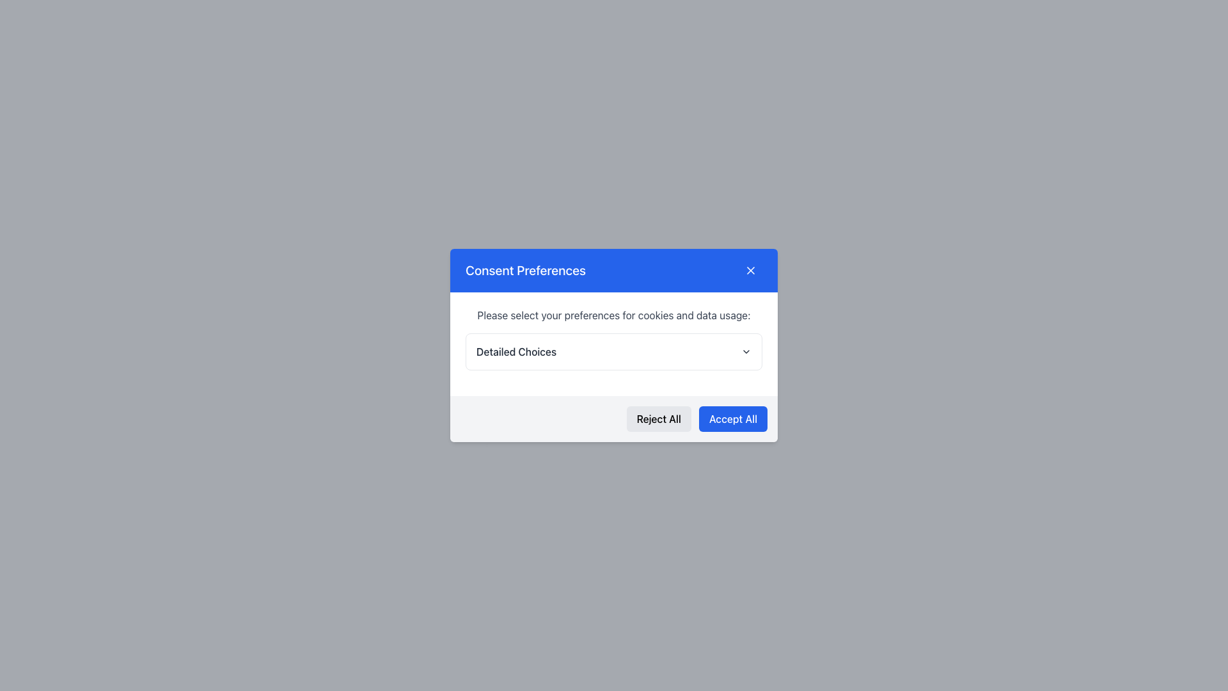  Describe the element at coordinates (659, 419) in the screenshot. I see `the reject button located in the bottom left section of the modal dialog to observe the hover effect` at that location.